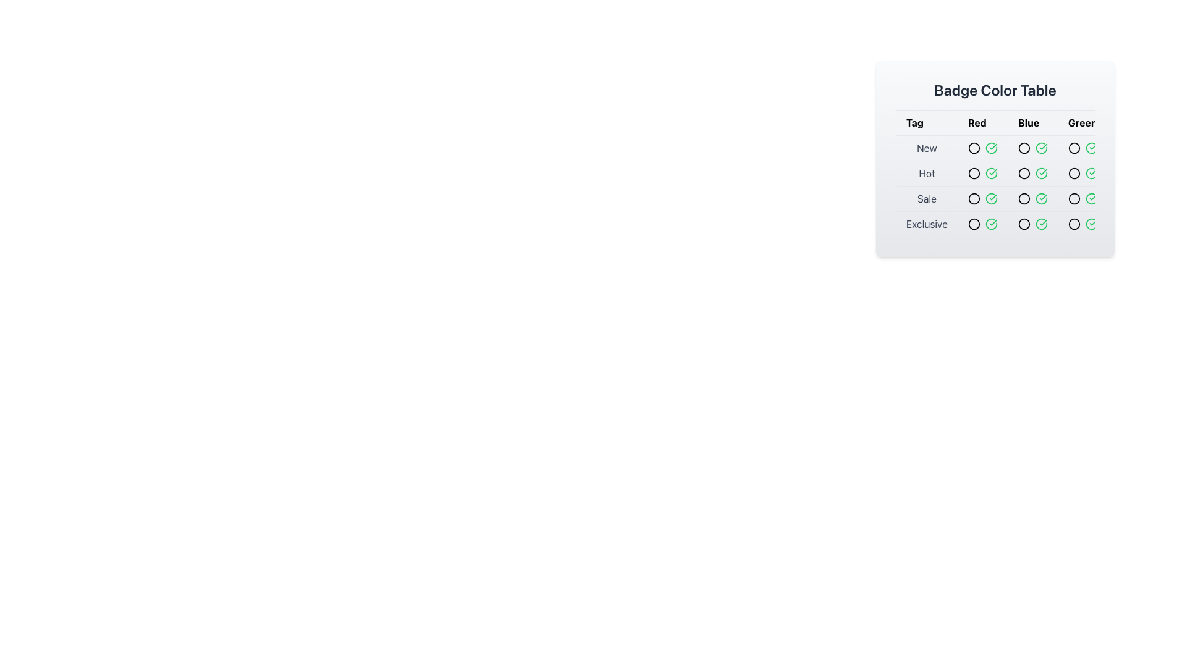  Describe the element at coordinates (927, 174) in the screenshot. I see `the 'Hot' tag label located in the second row of the table under the 'Tag' column, which is positioned between the 'New' and 'Sale' rows` at that location.